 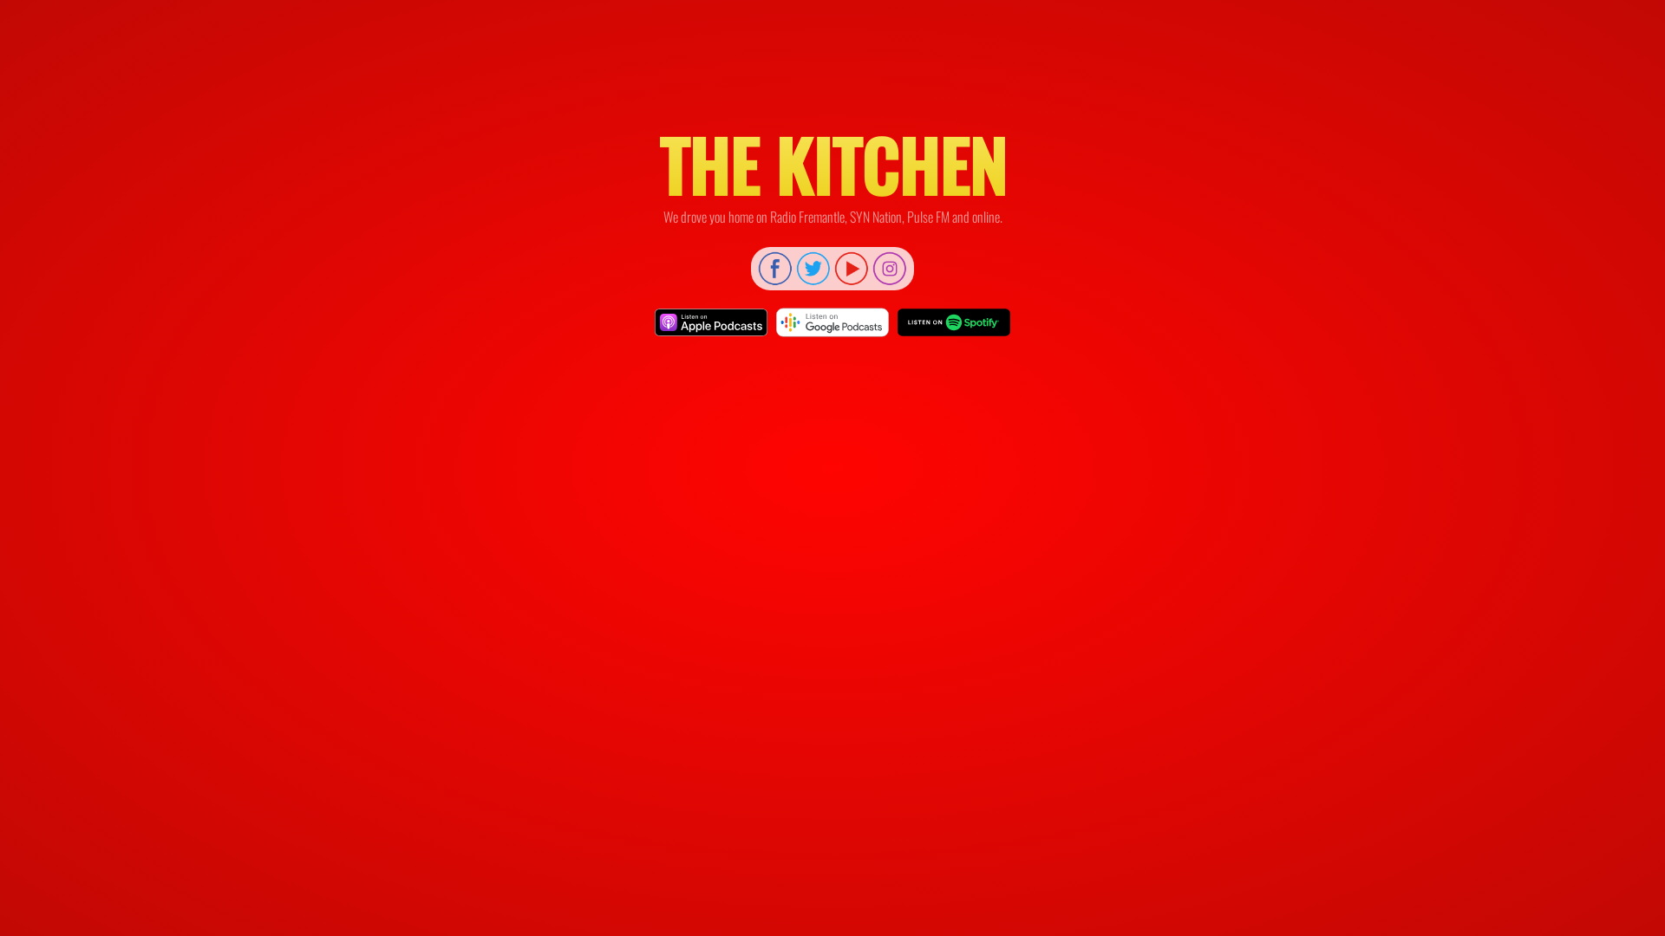 I want to click on 'YouTube video player', so click(x=832, y=520).